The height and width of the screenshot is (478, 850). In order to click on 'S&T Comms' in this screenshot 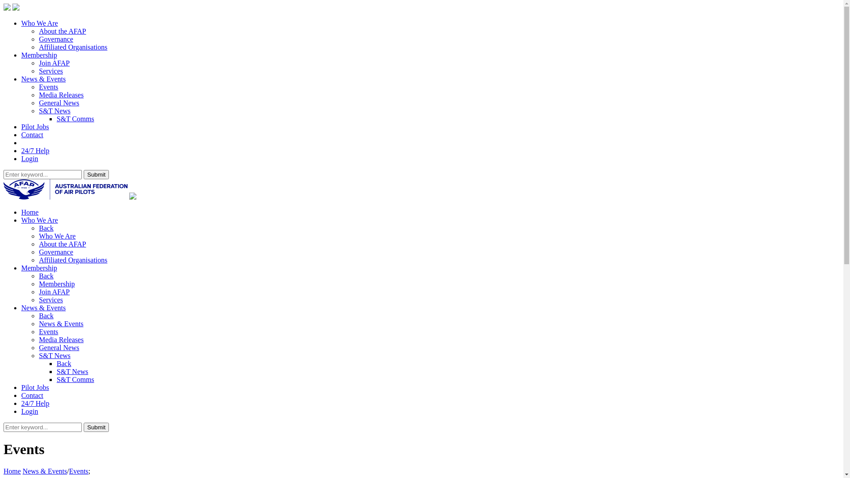, I will do `click(75, 118)`.